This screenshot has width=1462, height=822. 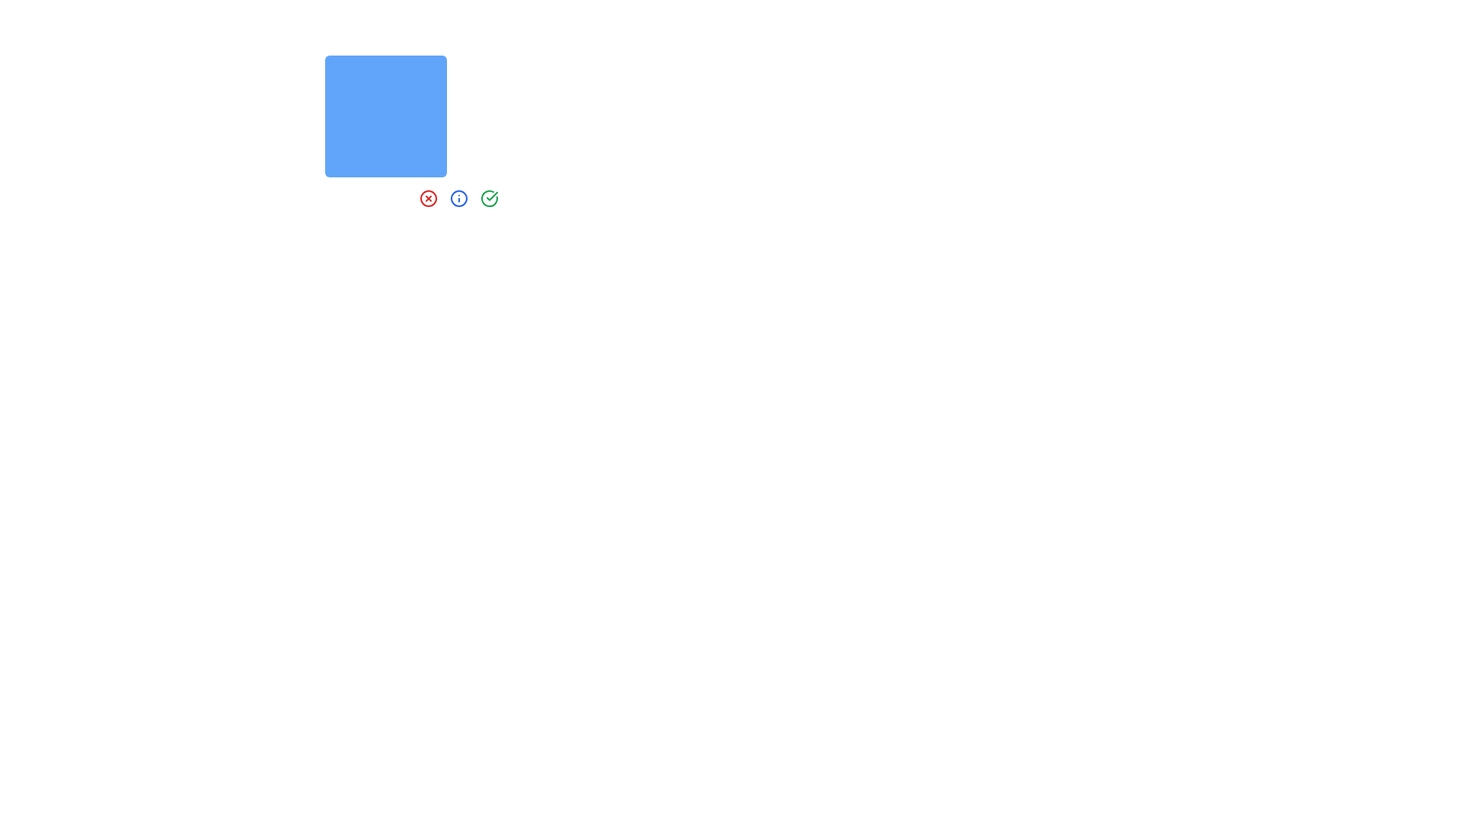 What do you see at coordinates (458, 198) in the screenshot?
I see `the blue circular information icon, which is the second icon in a horizontal arrangement of three symbols, located between a red circular icon with a cross and a green circular icon with a checkmark` at bounding box center [458, 198].